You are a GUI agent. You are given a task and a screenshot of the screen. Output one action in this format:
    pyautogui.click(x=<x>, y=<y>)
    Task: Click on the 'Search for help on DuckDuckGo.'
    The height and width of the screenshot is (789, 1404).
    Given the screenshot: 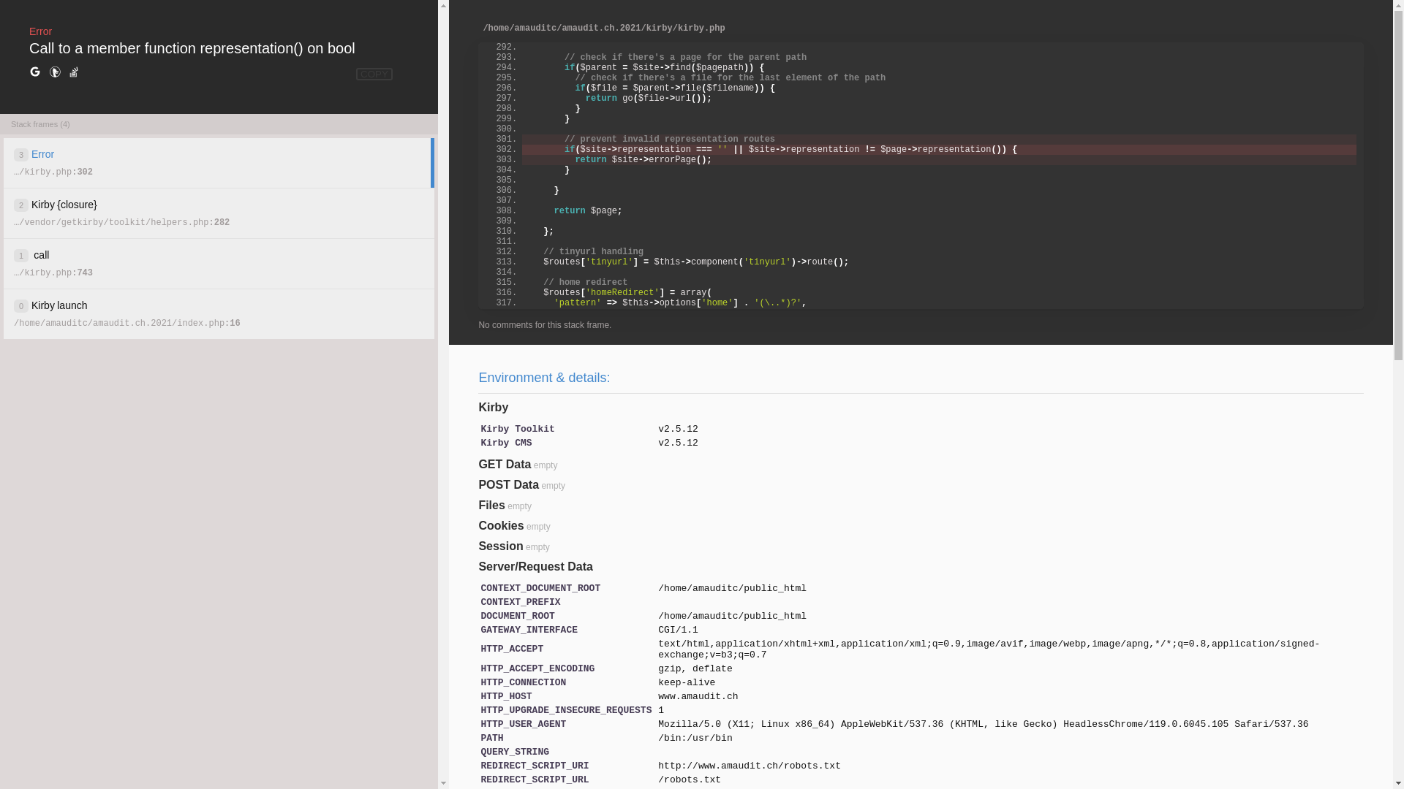 What is the action you would take?
    pyautogui.click(x=55, y=72)
    